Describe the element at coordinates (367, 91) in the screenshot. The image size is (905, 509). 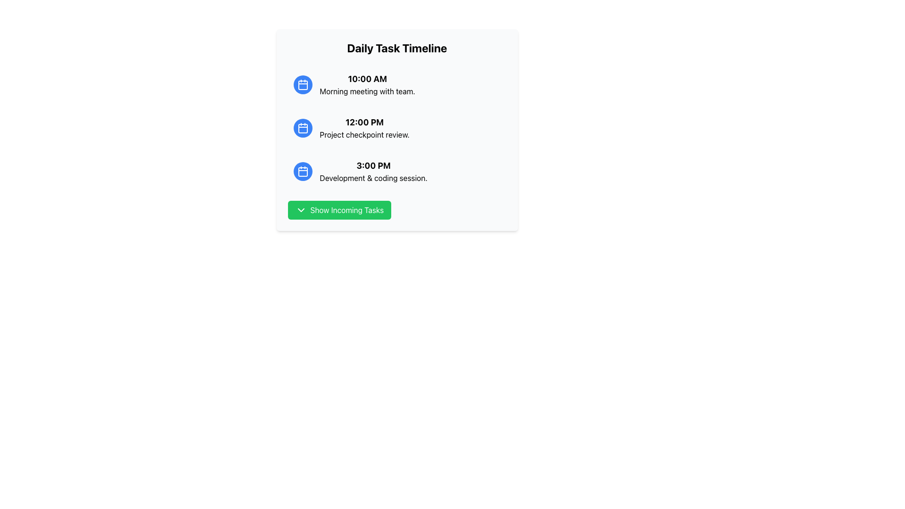
I see `the static text element that describes a scheduled event in the timeline, located directly below the '10:00 AM' timestamp` at that location.